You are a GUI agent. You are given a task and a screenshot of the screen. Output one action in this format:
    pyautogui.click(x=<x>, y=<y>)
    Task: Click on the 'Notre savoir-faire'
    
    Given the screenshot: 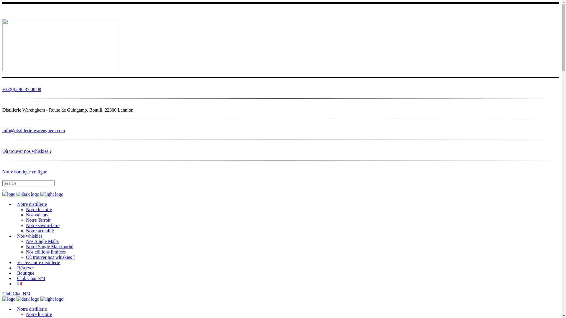 What is the action you would take?
    pyautogui.click(x=25, y=225)
    